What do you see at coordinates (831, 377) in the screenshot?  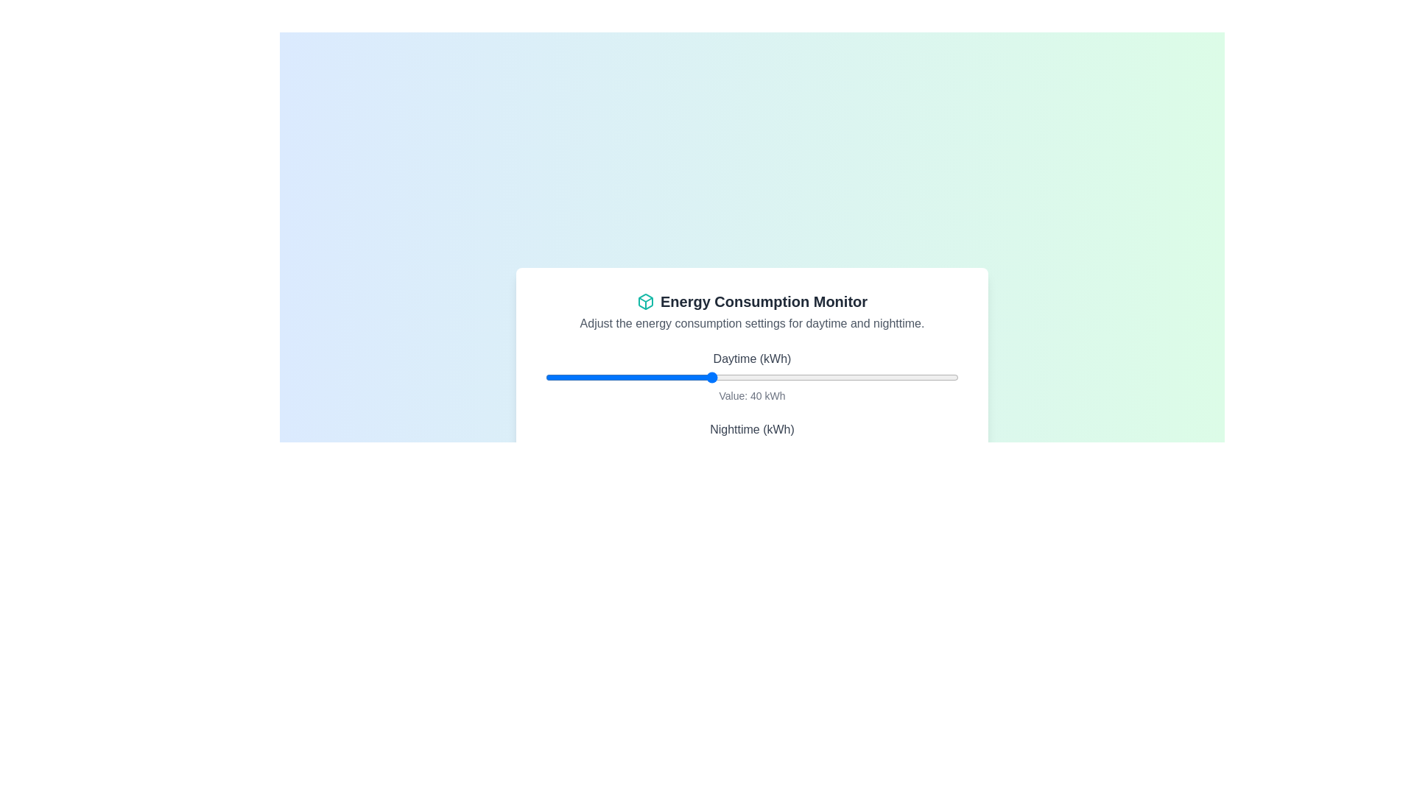 I see `the daytime energy consumption slider to 69 kWh` at bounding box center [831, 377].